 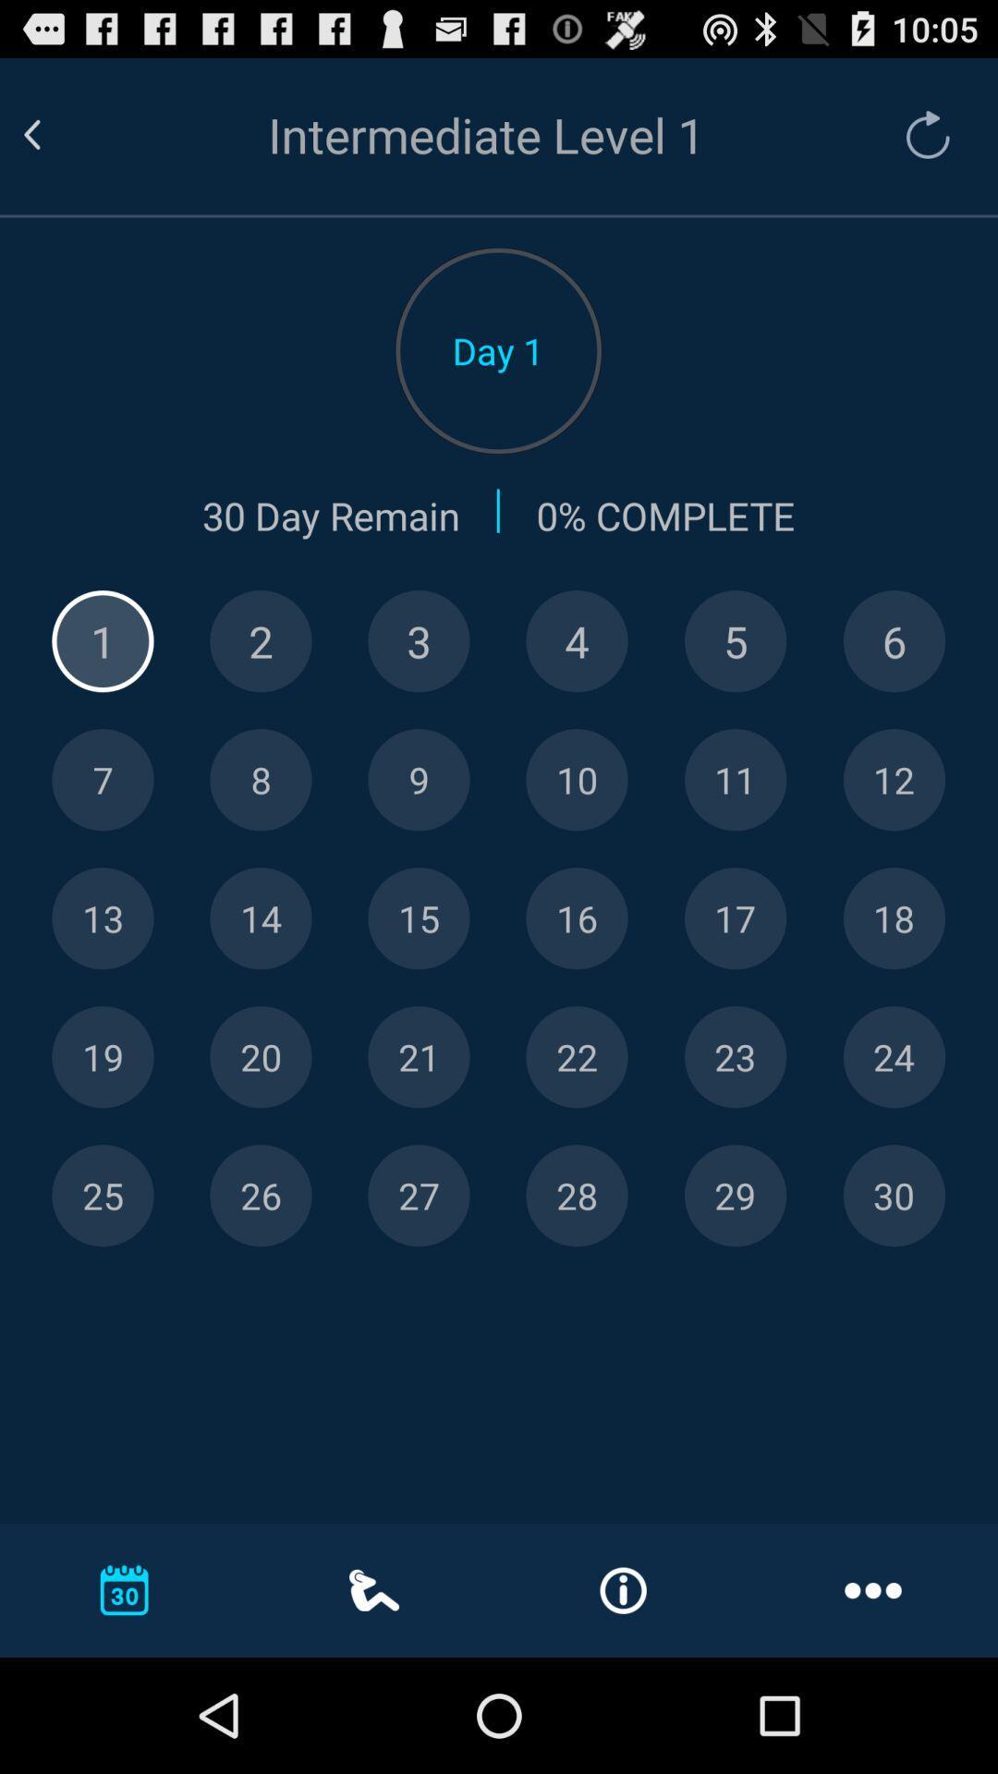 What do you see at coordinates (103, 685) in the screenshot?
I see `the add icon` at bounding box center [103, 685].